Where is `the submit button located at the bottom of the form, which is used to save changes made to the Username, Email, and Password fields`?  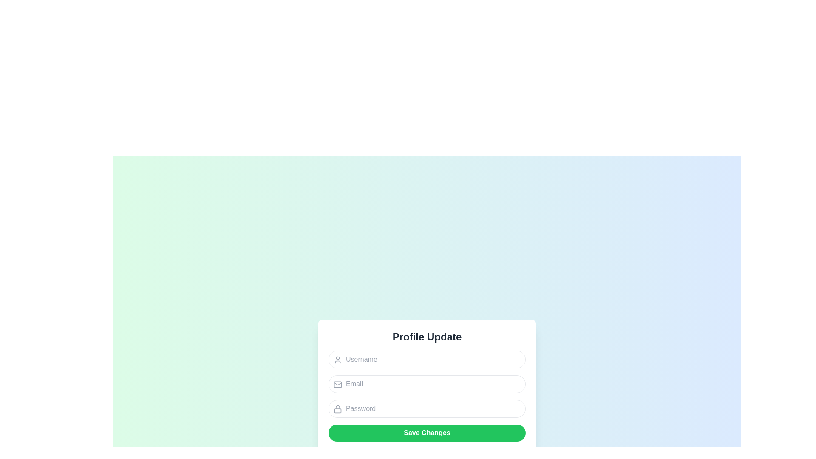 the submit button located at the bottom of the form, which is used to save changes made to the Username, Email, and Password fields is located at coordinates (427, 433).